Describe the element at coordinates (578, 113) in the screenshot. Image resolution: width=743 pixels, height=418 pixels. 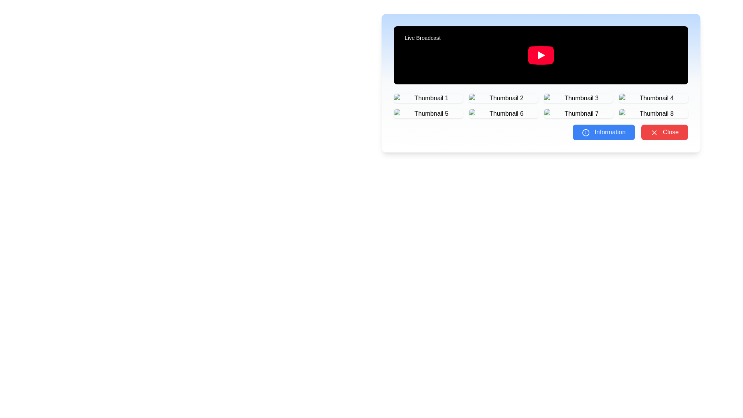
I see `the thumbnail element labeled 'Thumbnail 7'` at that location.